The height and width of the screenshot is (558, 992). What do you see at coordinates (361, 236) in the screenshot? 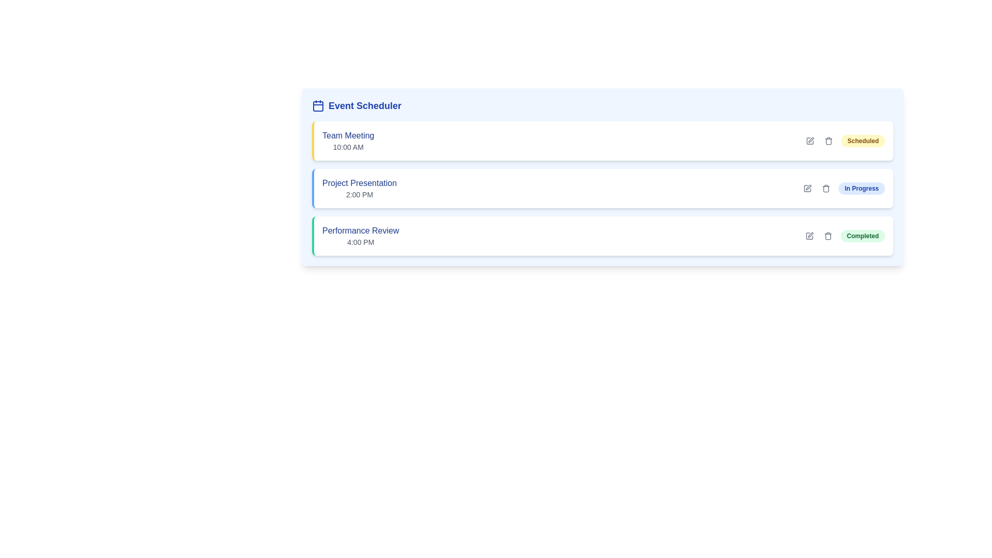
I see `text label that communicates the event labeled 'Performance Review' with its start time as '4:00 PM', located in the third row of the event schedule card layout` at bounding box center [361, 236].